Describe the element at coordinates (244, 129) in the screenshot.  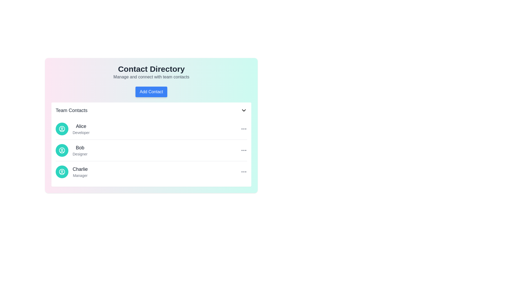
I see `the three-dot icon located at the far right of the horizontal group containing 'Alice Developer'` at that location.